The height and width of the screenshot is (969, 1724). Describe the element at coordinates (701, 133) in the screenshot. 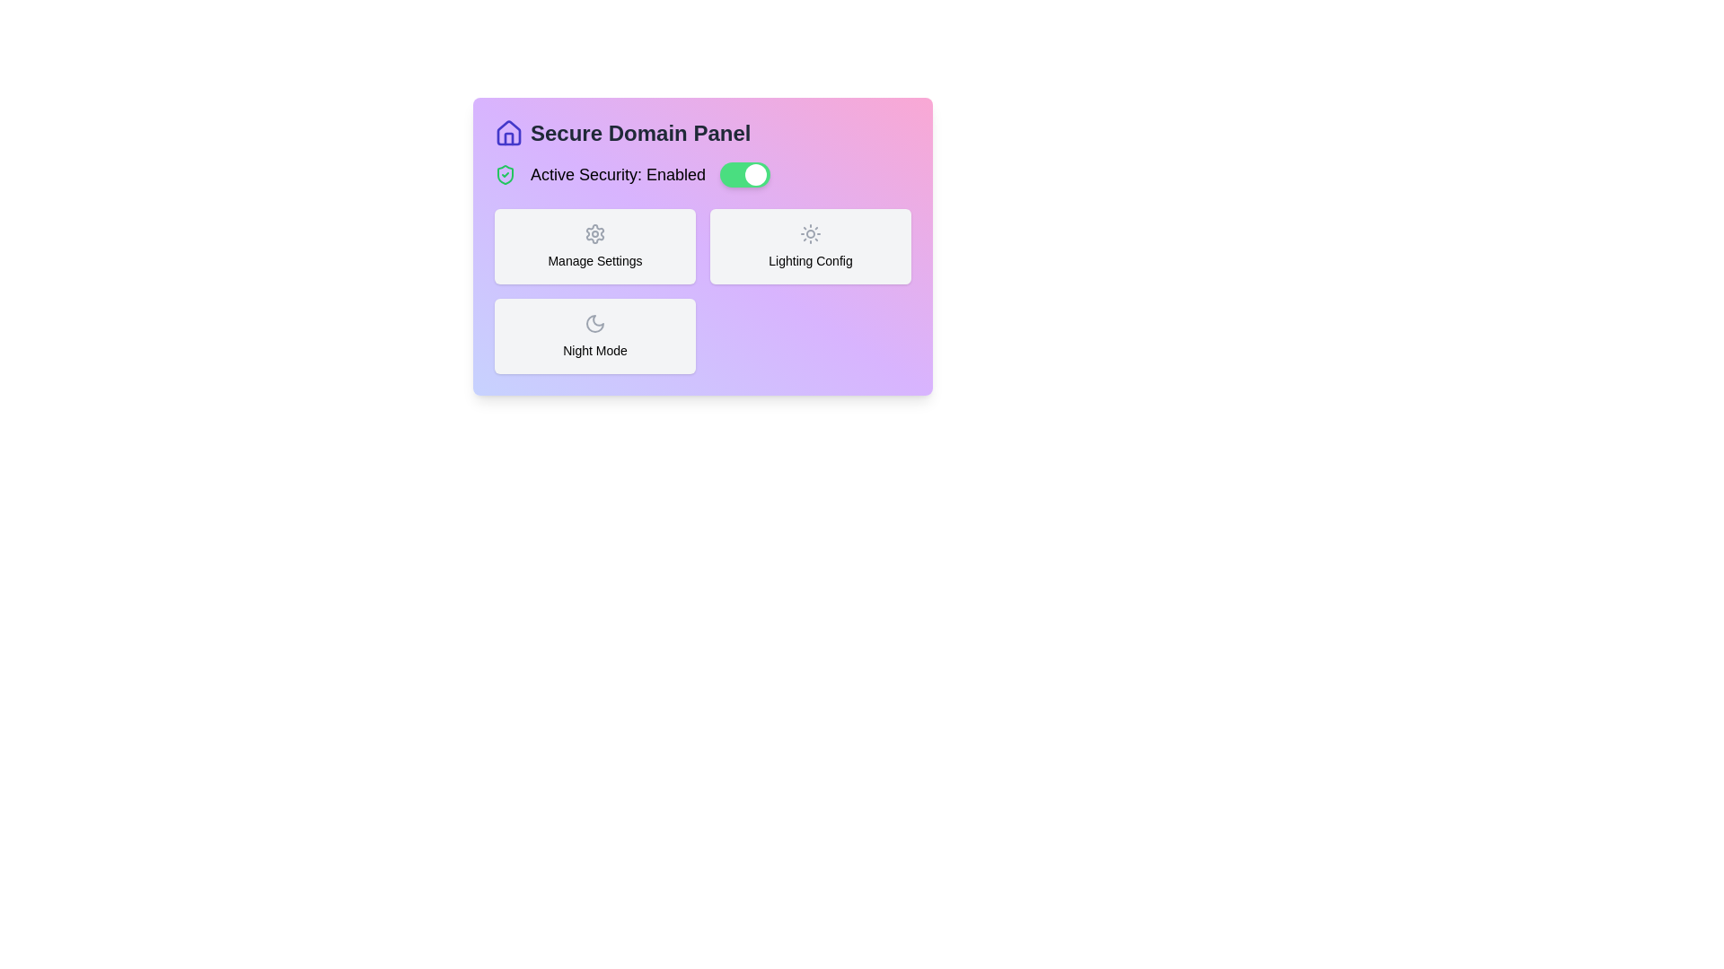

I see `the bold, large-text title 'Secure Domain Panel'` at that location.